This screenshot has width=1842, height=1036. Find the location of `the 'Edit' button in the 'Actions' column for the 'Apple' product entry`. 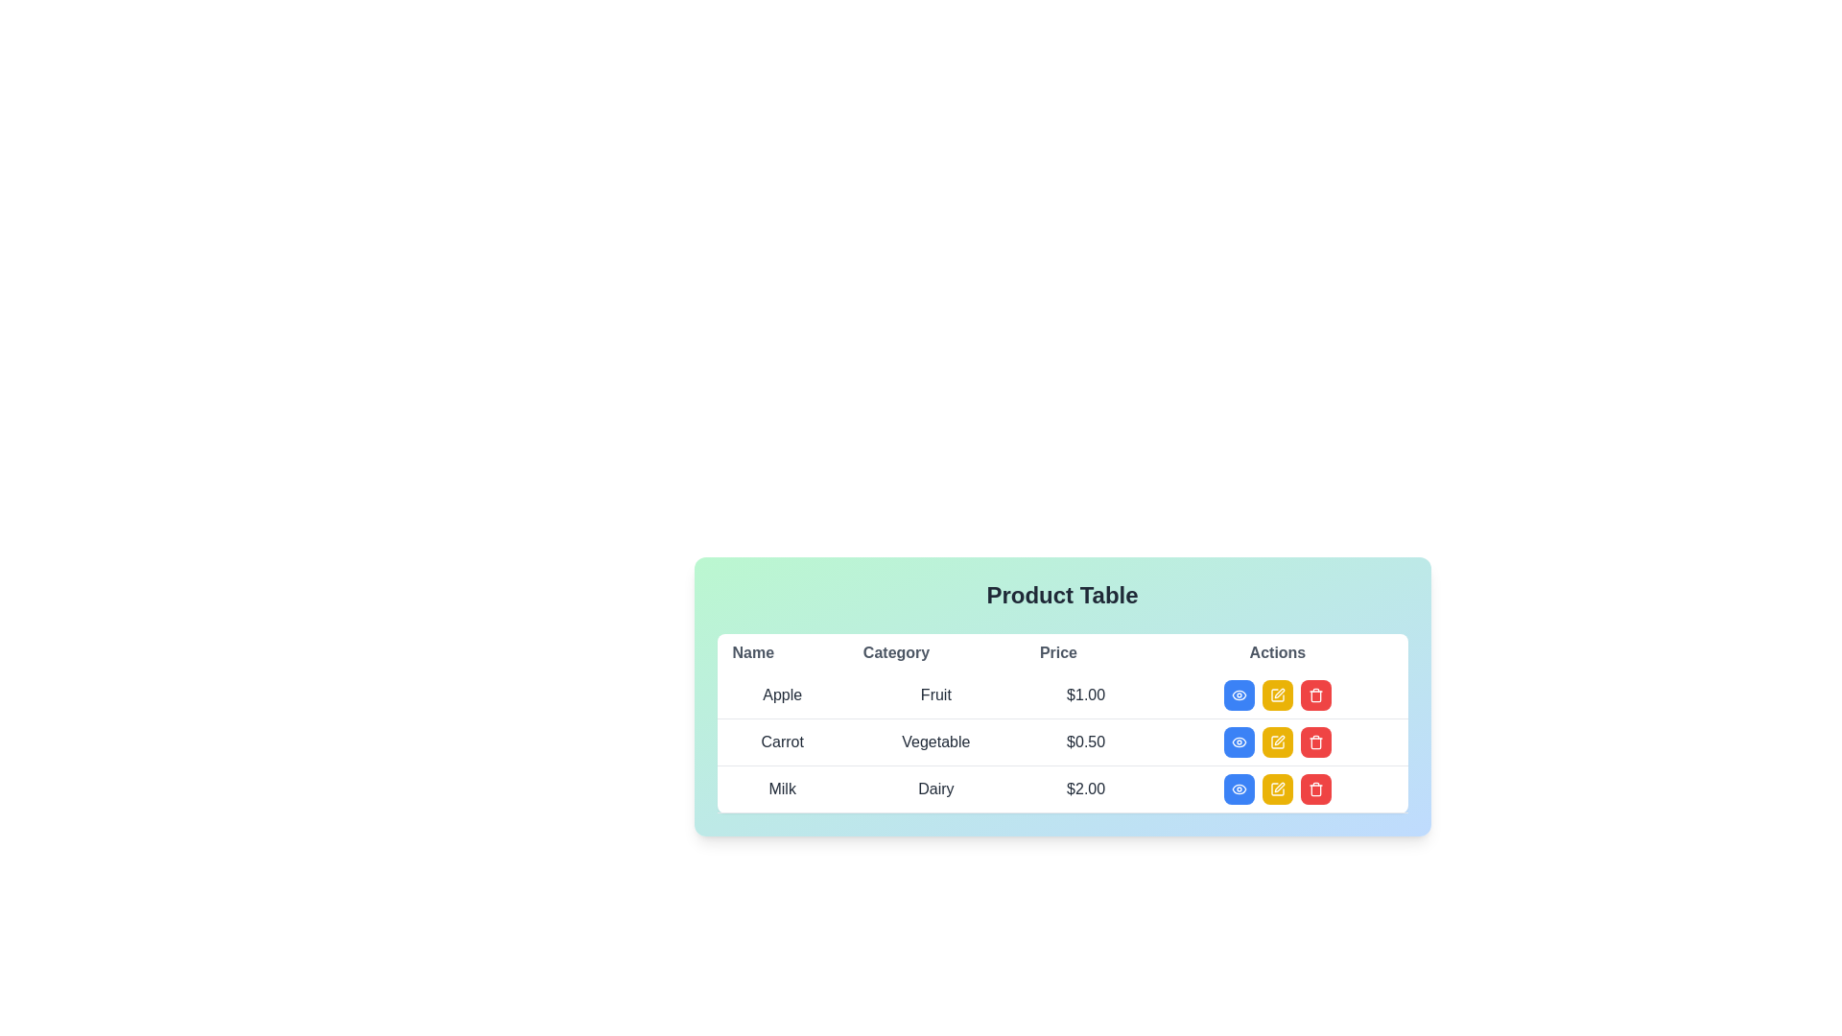

the 'Edit' button in the 'Actions' column for the 'Apple' product entry is located at coordinates (1277, 695).